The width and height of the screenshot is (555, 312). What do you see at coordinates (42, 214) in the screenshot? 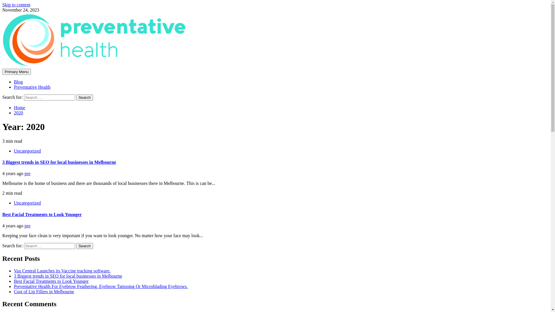
I see `'Best Facial Treatments to Look Younger'` at bounding box center [42, 214].